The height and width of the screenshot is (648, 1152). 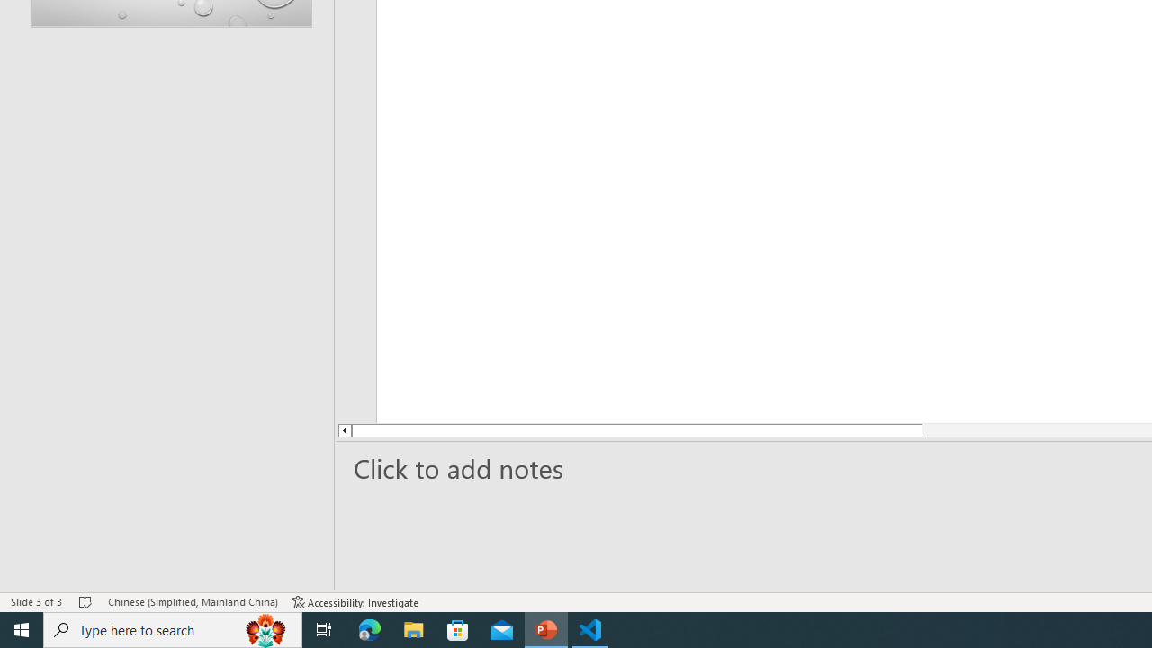 I want to click on 'Page Number Screen 1 of 1 ', so click(x=56, y=576).